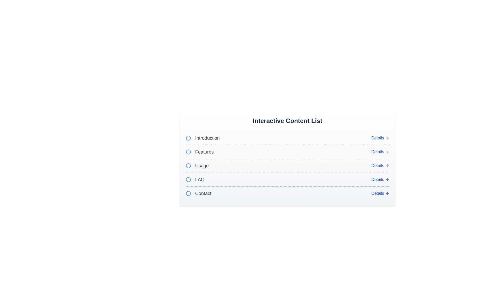 The height and width of the screenshot is (282, 501). Describe the element at coordinates (188, 166) in the screenshot. I see `the Circular icon located to the left of the 'Usage' text in the vertical list of items` at that location.